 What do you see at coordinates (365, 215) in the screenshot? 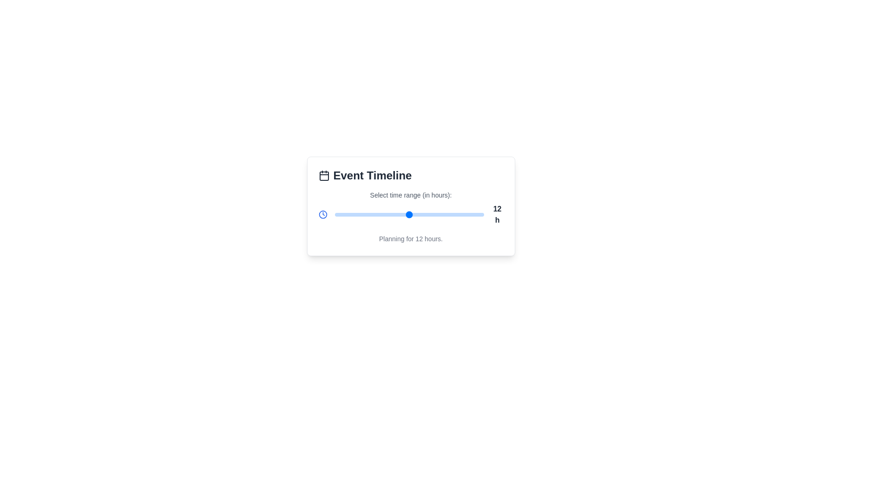
I see `the number of hours` at bounding box center [365, 215].